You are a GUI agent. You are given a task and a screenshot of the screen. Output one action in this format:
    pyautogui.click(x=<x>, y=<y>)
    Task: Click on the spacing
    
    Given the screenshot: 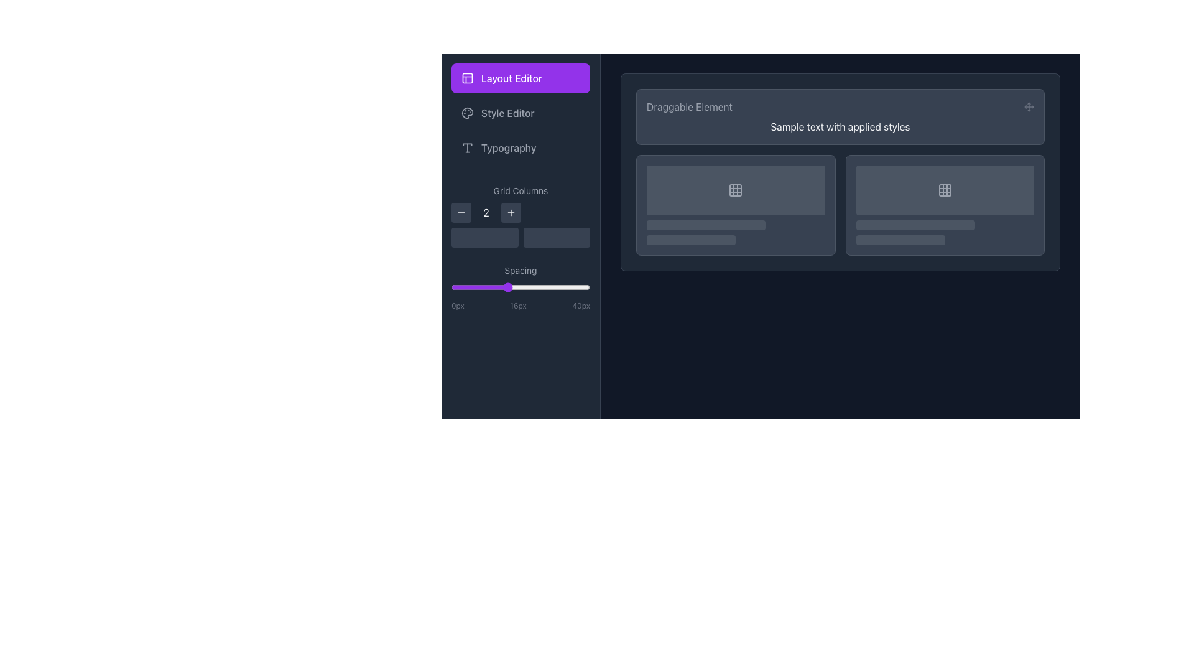 What is the action you would take?
    pyautogui.click(x=458, y=287)
    